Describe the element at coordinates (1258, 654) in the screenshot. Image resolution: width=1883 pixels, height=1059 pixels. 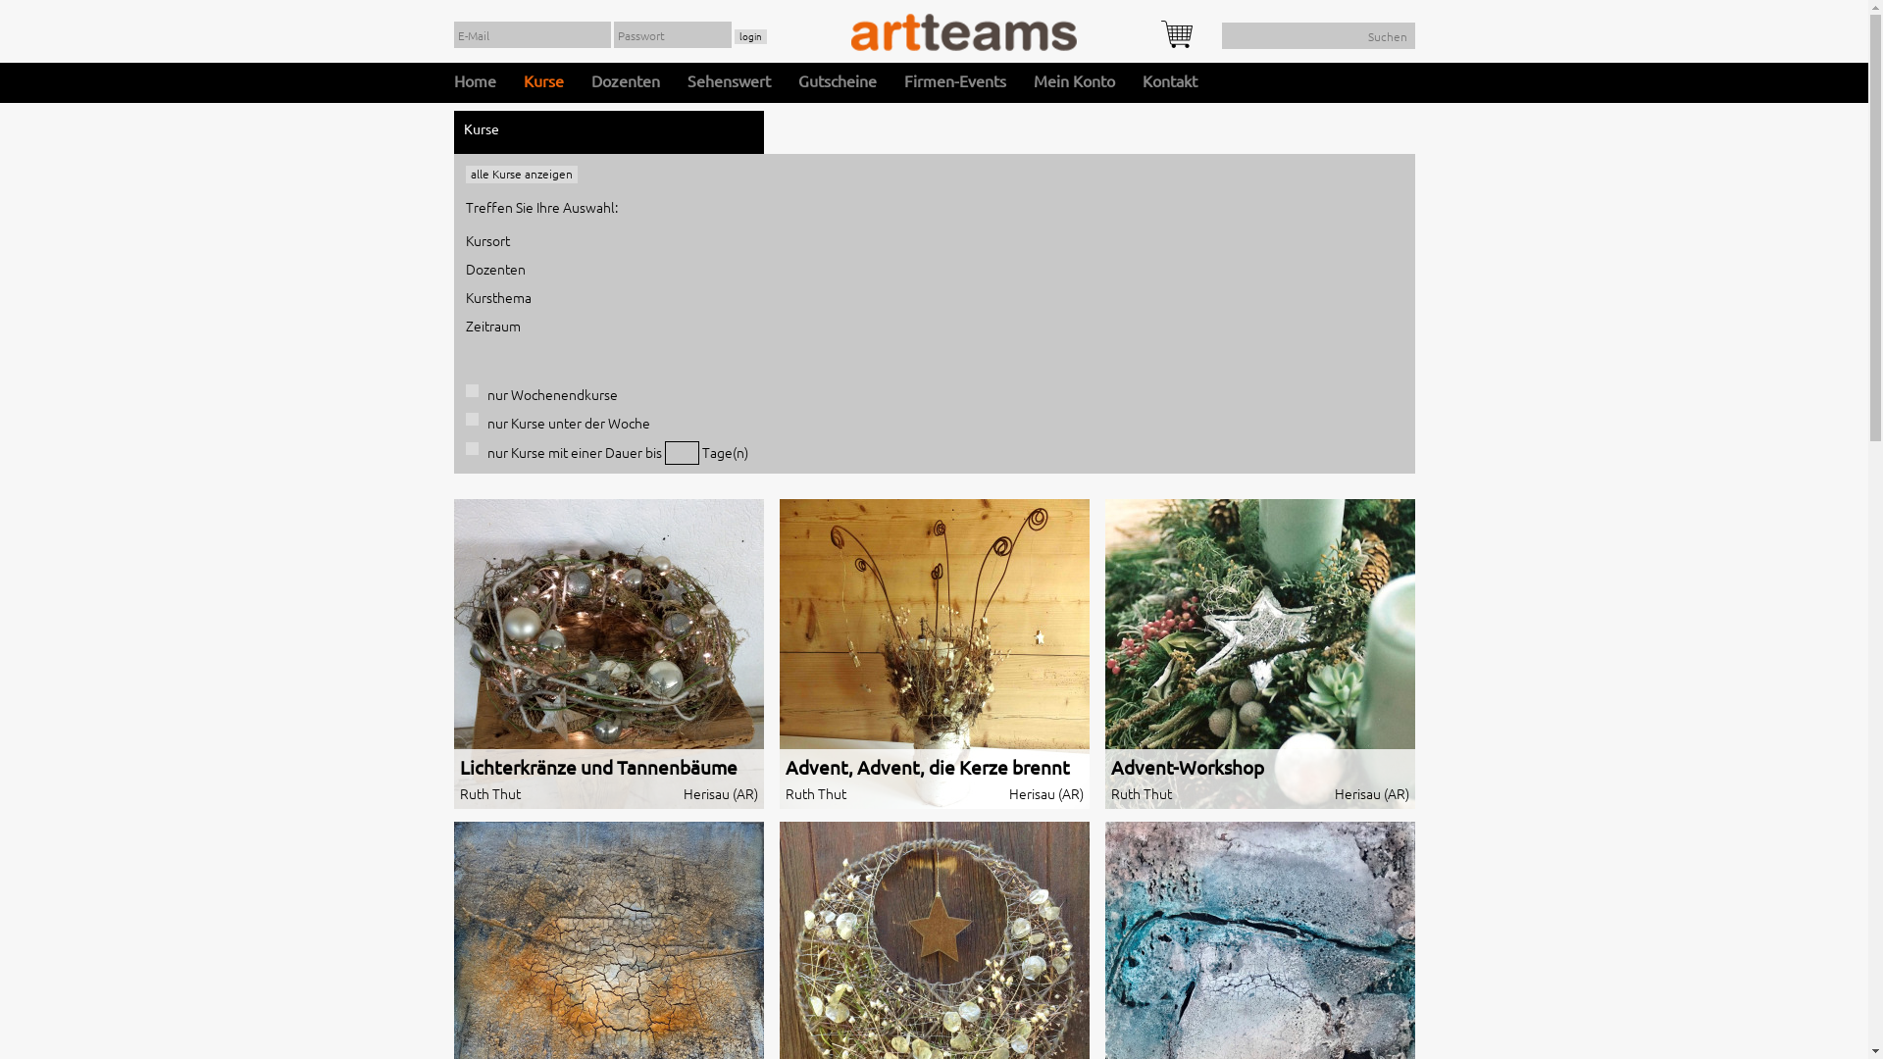
I see `'Advent-Workshop` at that location.